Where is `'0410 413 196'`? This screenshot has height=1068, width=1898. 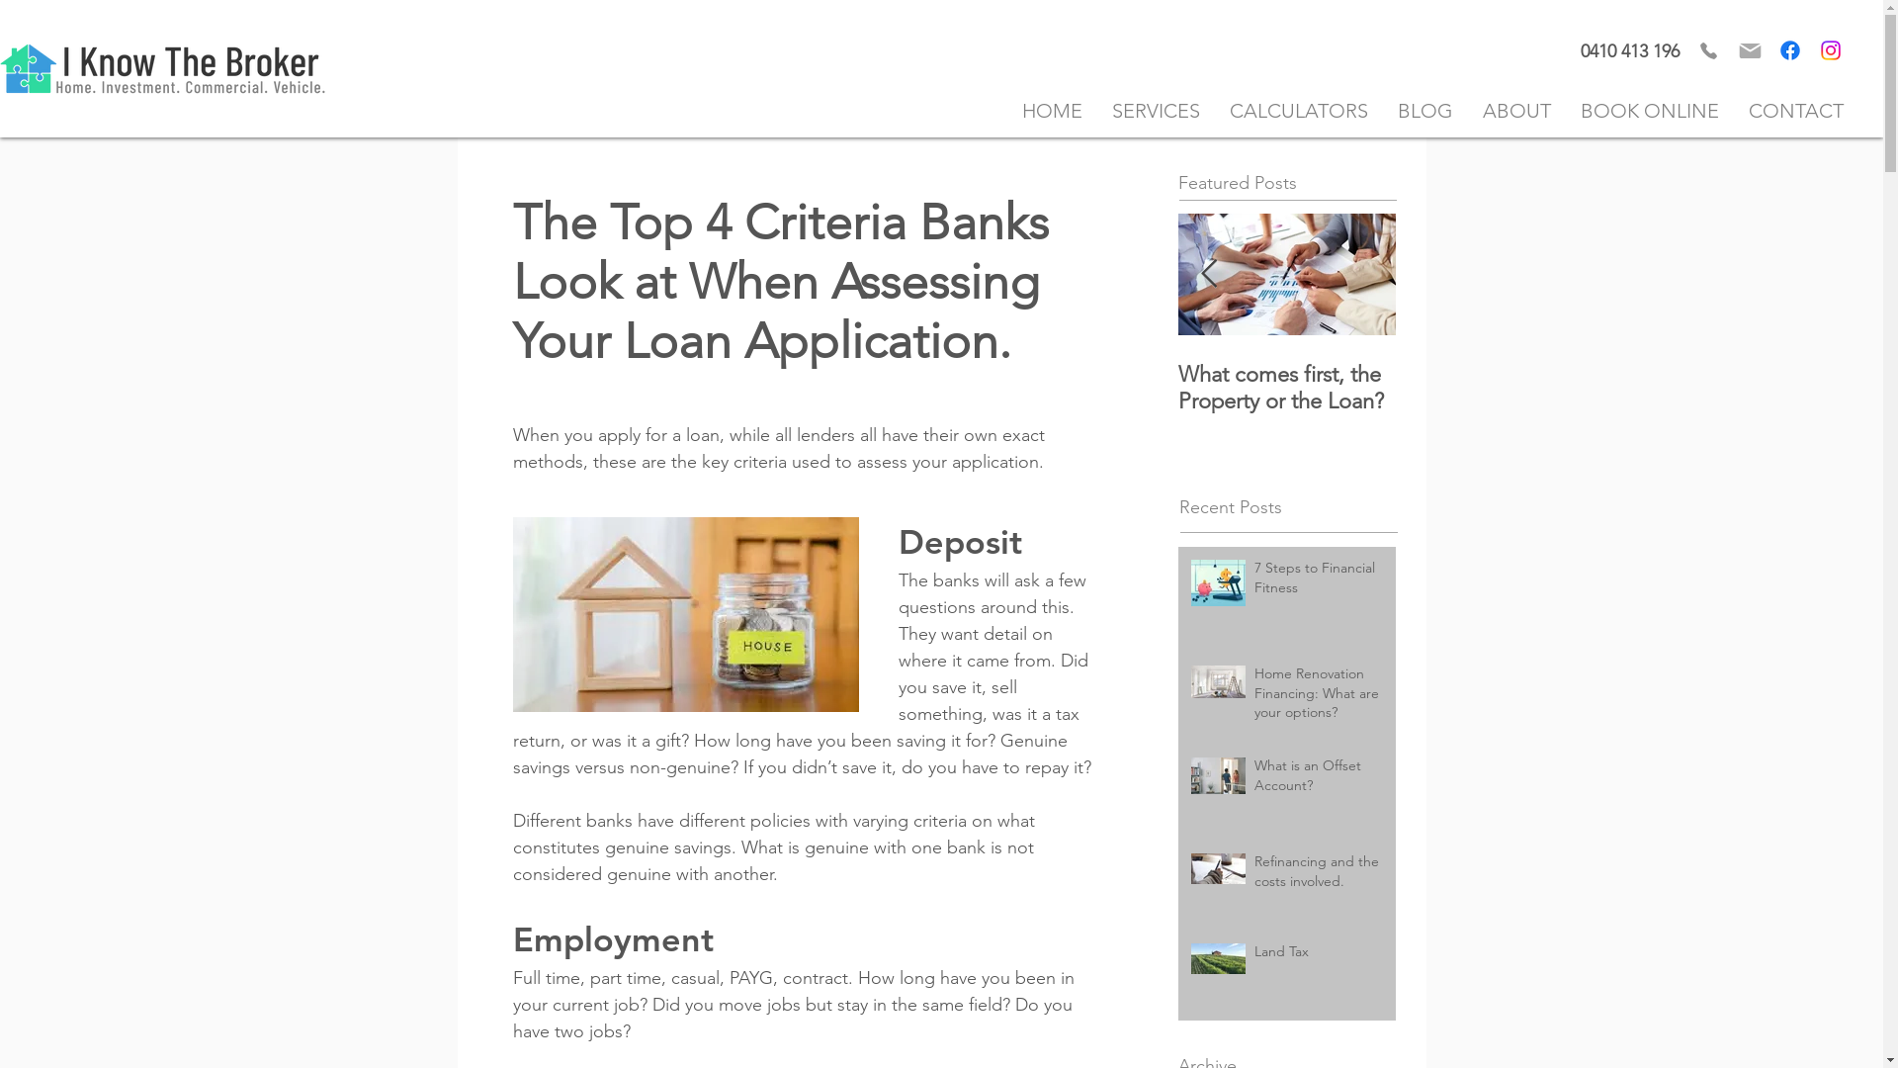 '0410 413 196' is located at coordinates (1630, 49).